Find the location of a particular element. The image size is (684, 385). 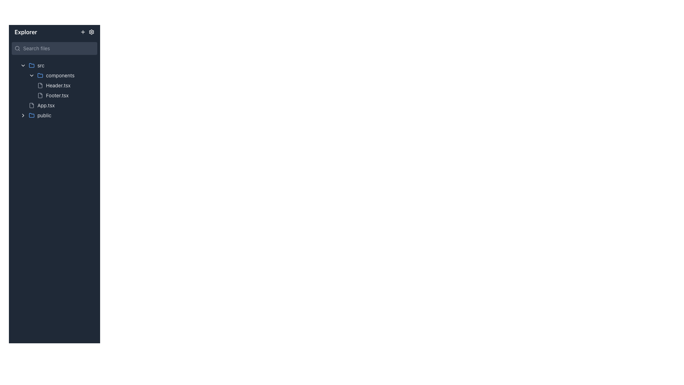

the circular graphic element of the search icon located in the top-left corner of the Explorer sidebar is located at coordinates (17, 48).